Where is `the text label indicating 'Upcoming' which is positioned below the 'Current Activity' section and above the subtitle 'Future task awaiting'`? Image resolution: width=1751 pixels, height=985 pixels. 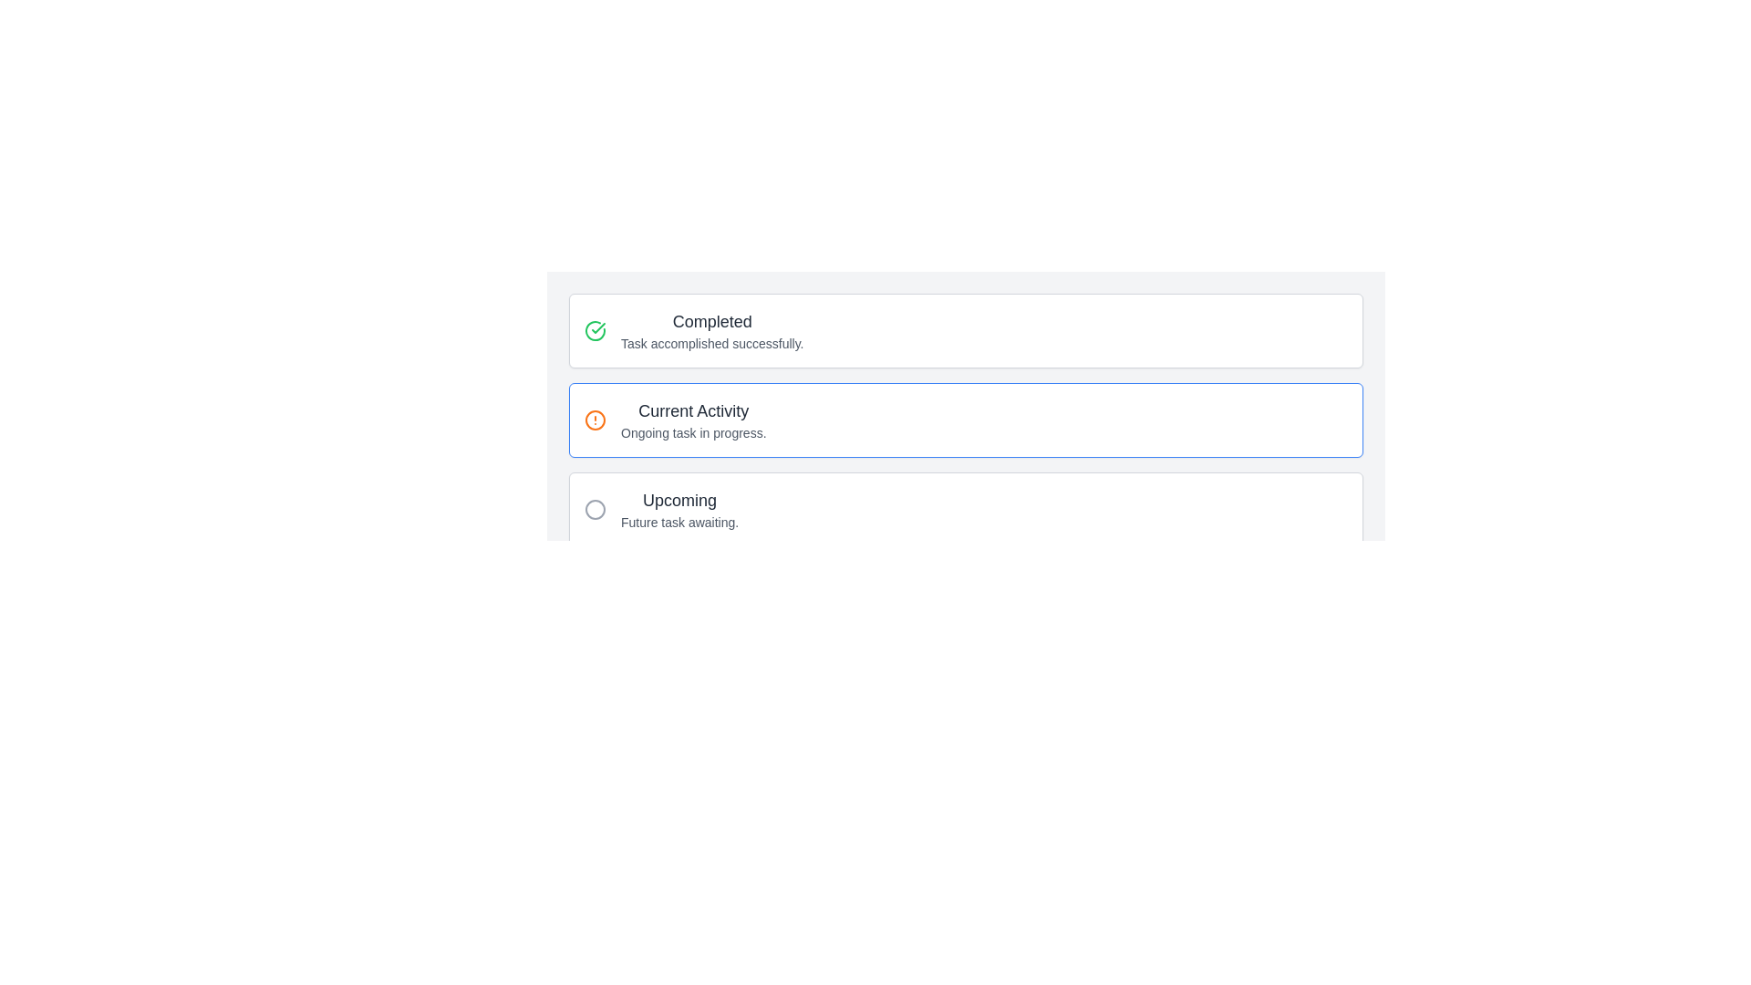 the text label indicating 'Upcoming' which is positioned below the 'Current Activity' section and above the subtitle 'Future task awaiting' is located at coordinates (679, 500).